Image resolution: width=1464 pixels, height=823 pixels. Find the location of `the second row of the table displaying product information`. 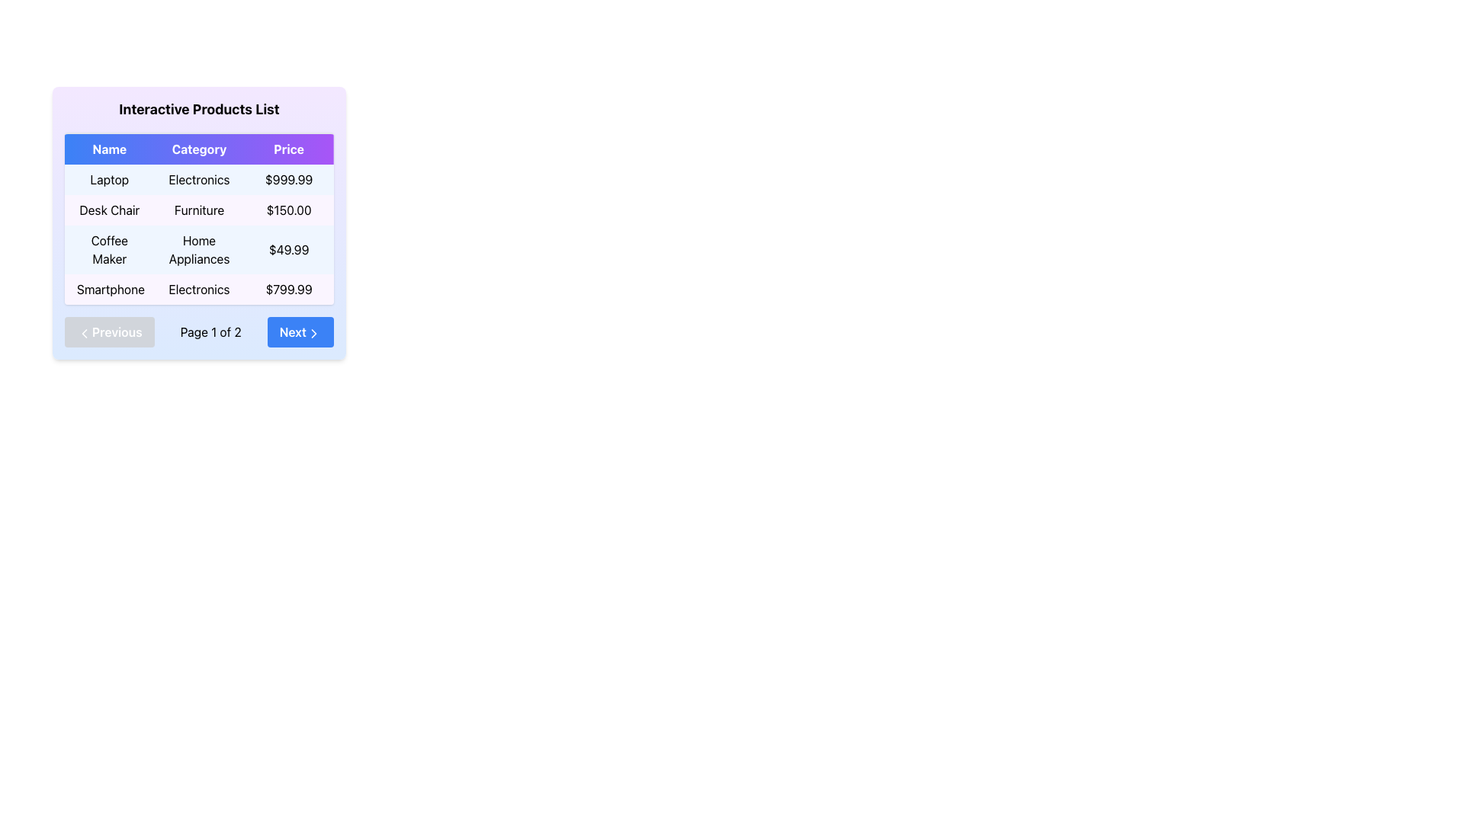

the second row of the table displaying product information is located at coordinates (198, 210).